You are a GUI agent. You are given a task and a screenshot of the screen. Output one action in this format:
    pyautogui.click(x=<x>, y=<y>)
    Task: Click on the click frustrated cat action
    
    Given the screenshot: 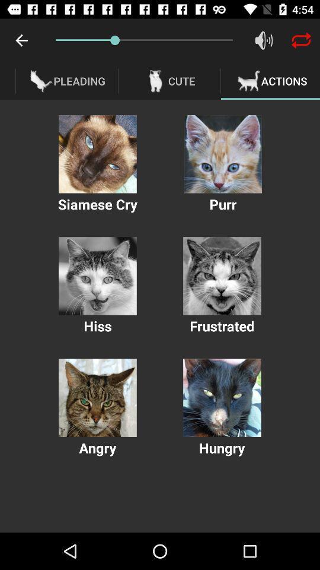 What is the action you would take?
    pyautogui.click(x=222, y=276)
    